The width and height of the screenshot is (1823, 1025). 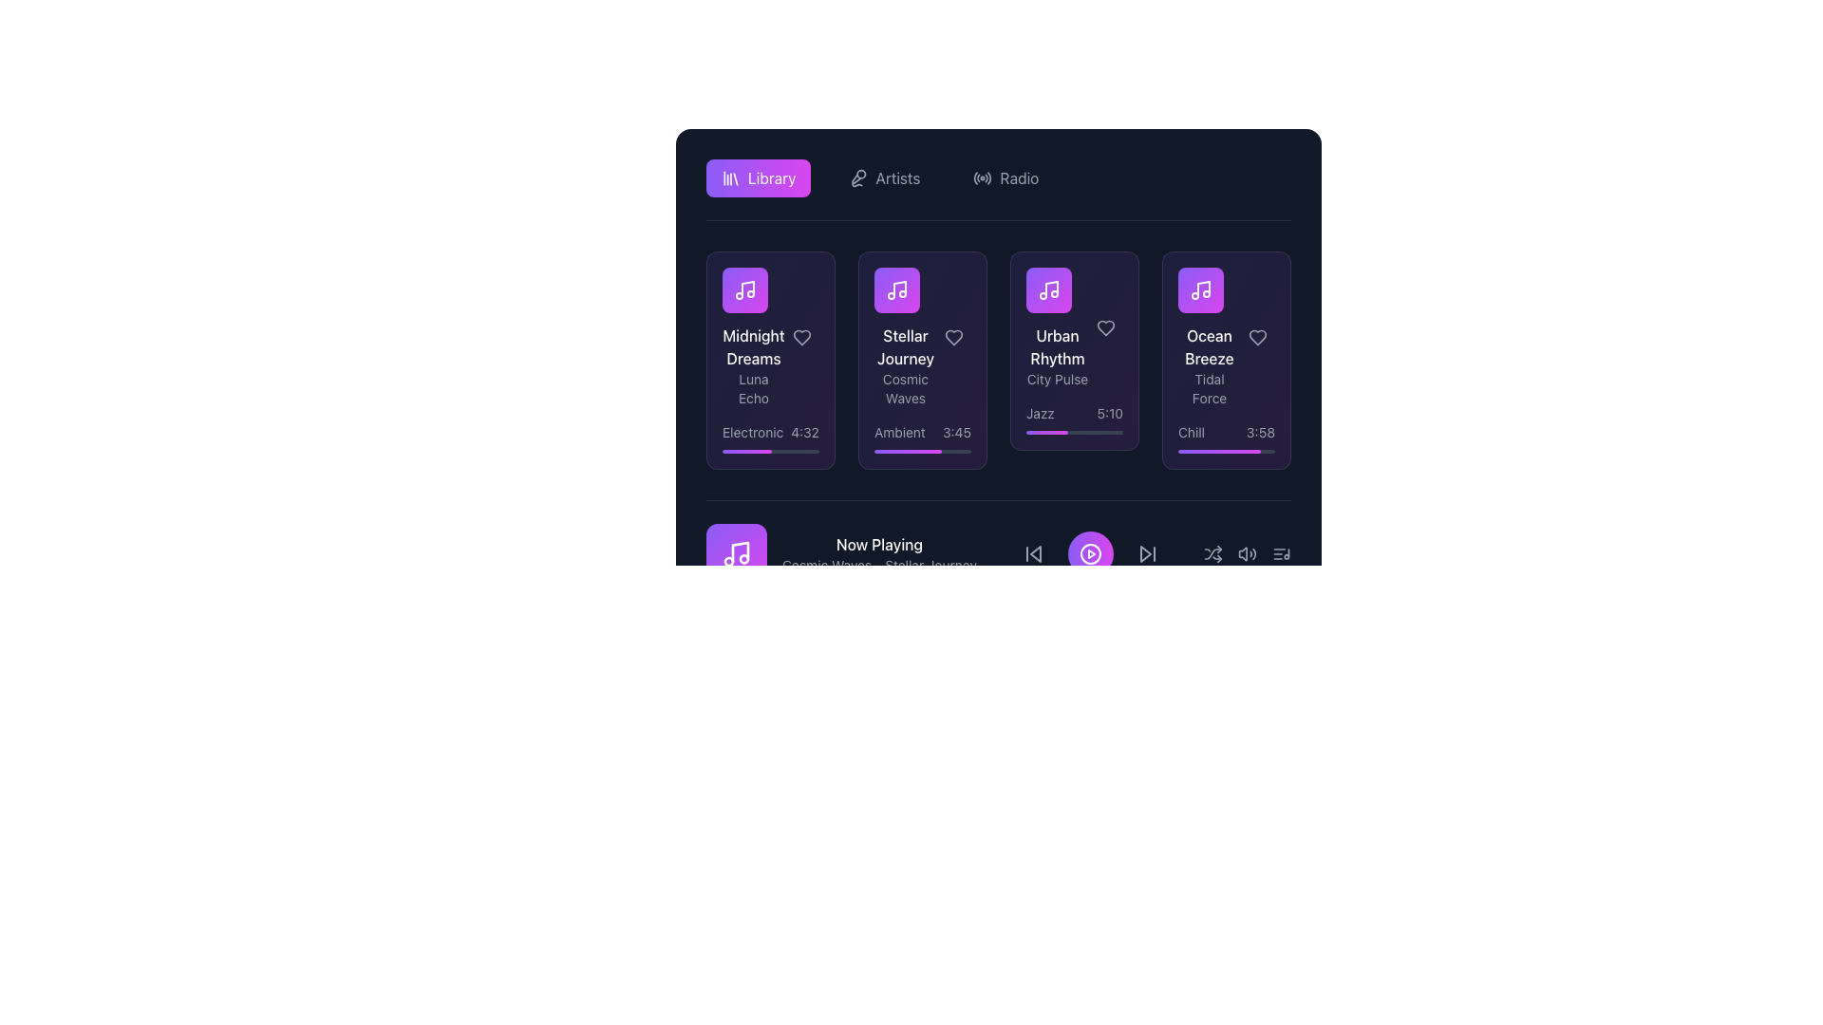 What do you see at coordinates (1257, 336) in the screenshot?
I see `the small heart icon button located at the top-right corner of the 'Ocean Breeze' music card` at bounding box center [1257, 336].